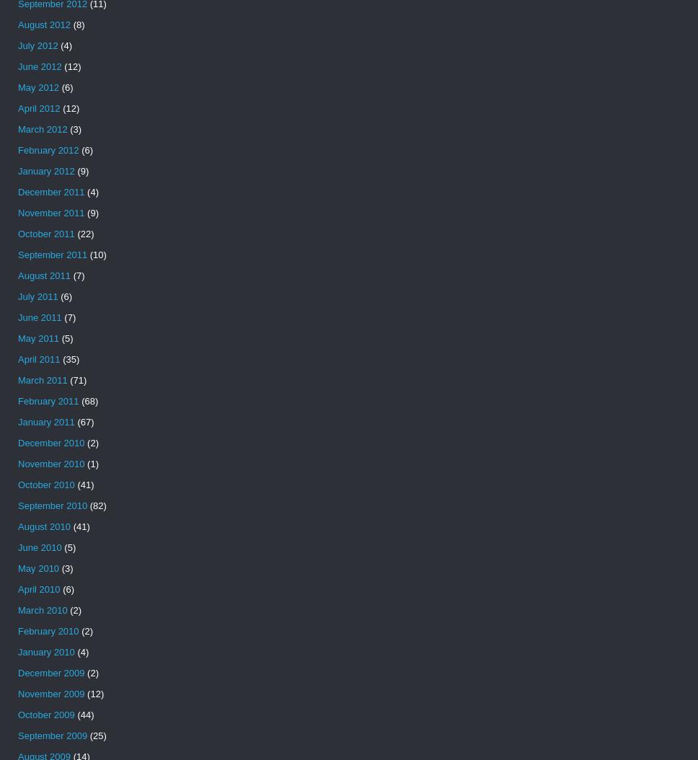 This screenshot has width=698, height=760. What do you see at coordinates (95, 505) in the screenshot?
I see `'(82)'` at bounding box center [95, 505].